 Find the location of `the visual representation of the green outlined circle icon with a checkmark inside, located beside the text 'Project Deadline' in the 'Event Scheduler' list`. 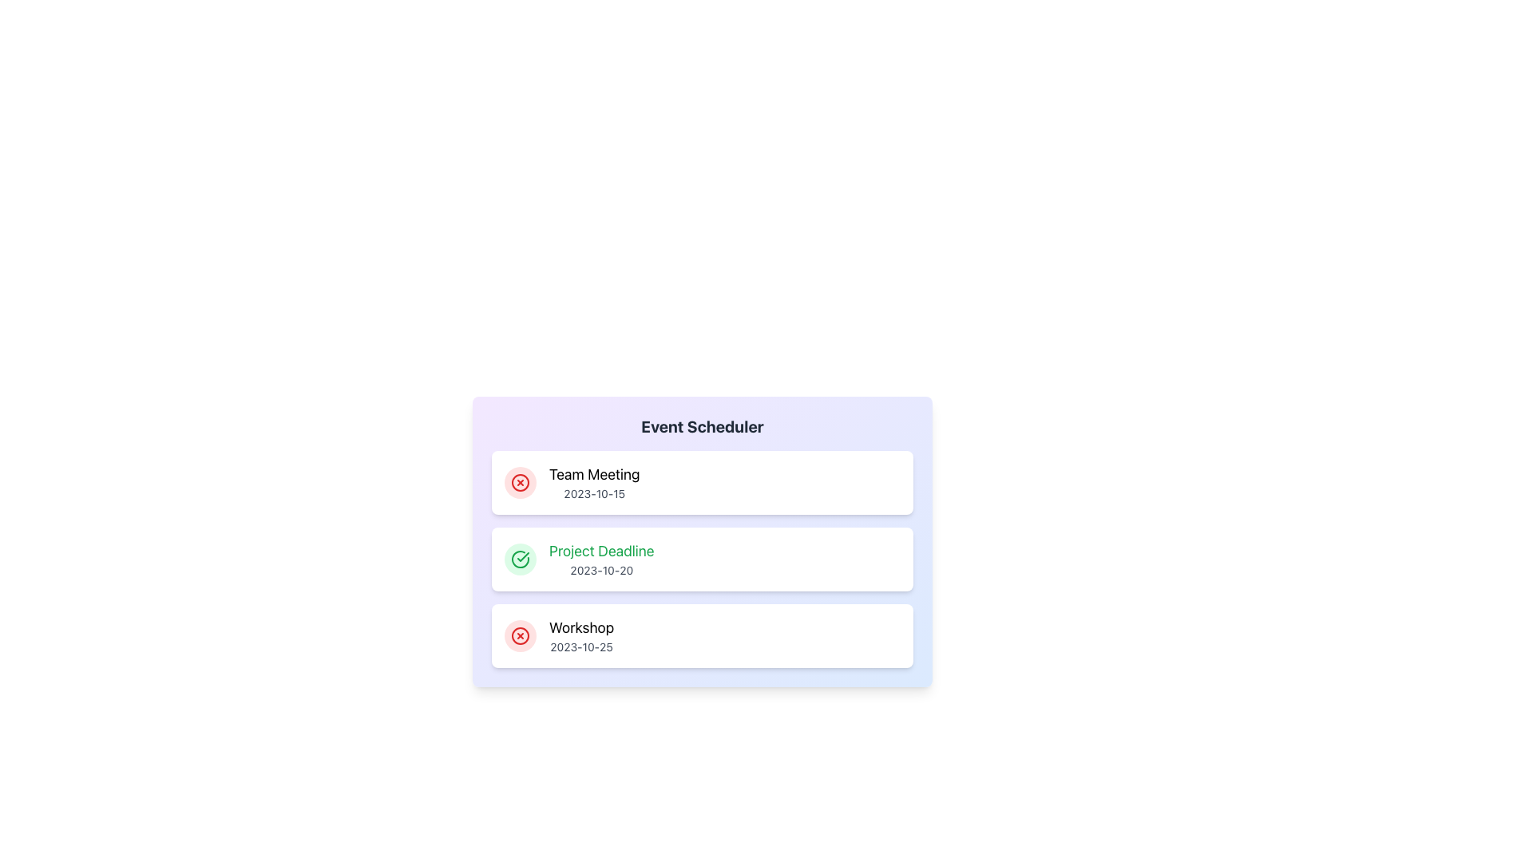

the visual representation of the green outlined circle icon with a checkmark inside, located beside the text 'Project Deadline' in the 'Event Scheduler' list is located at coordinates (521, 559).